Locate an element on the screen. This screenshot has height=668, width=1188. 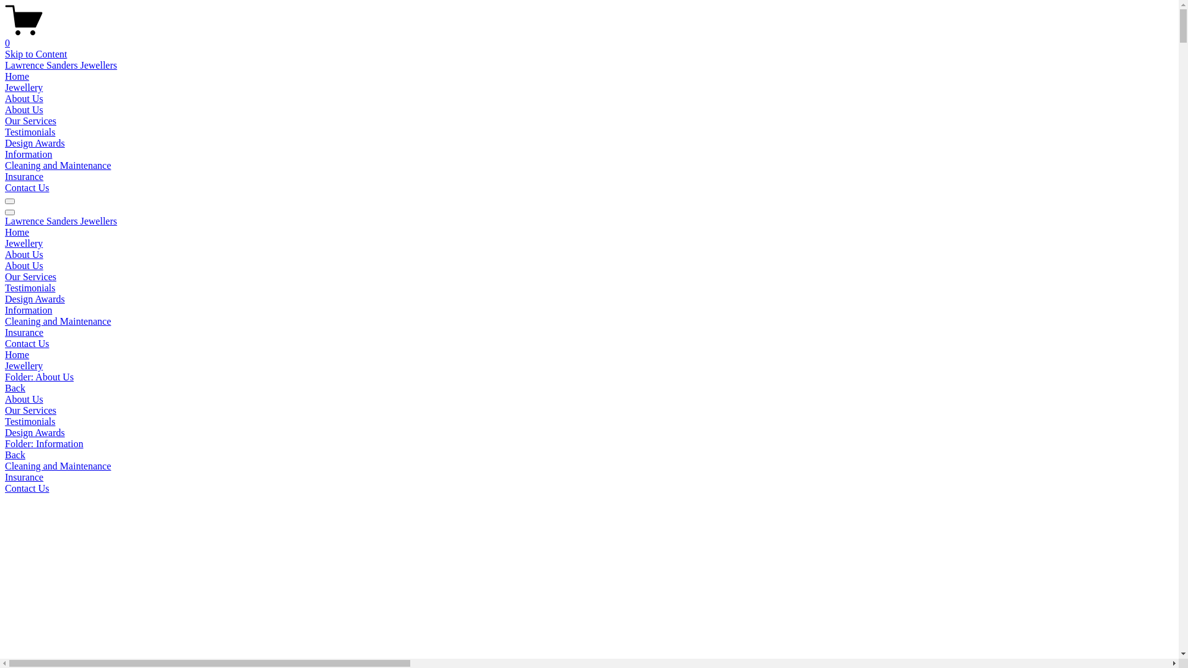
'About Us' is located at coordinates (5, 265).